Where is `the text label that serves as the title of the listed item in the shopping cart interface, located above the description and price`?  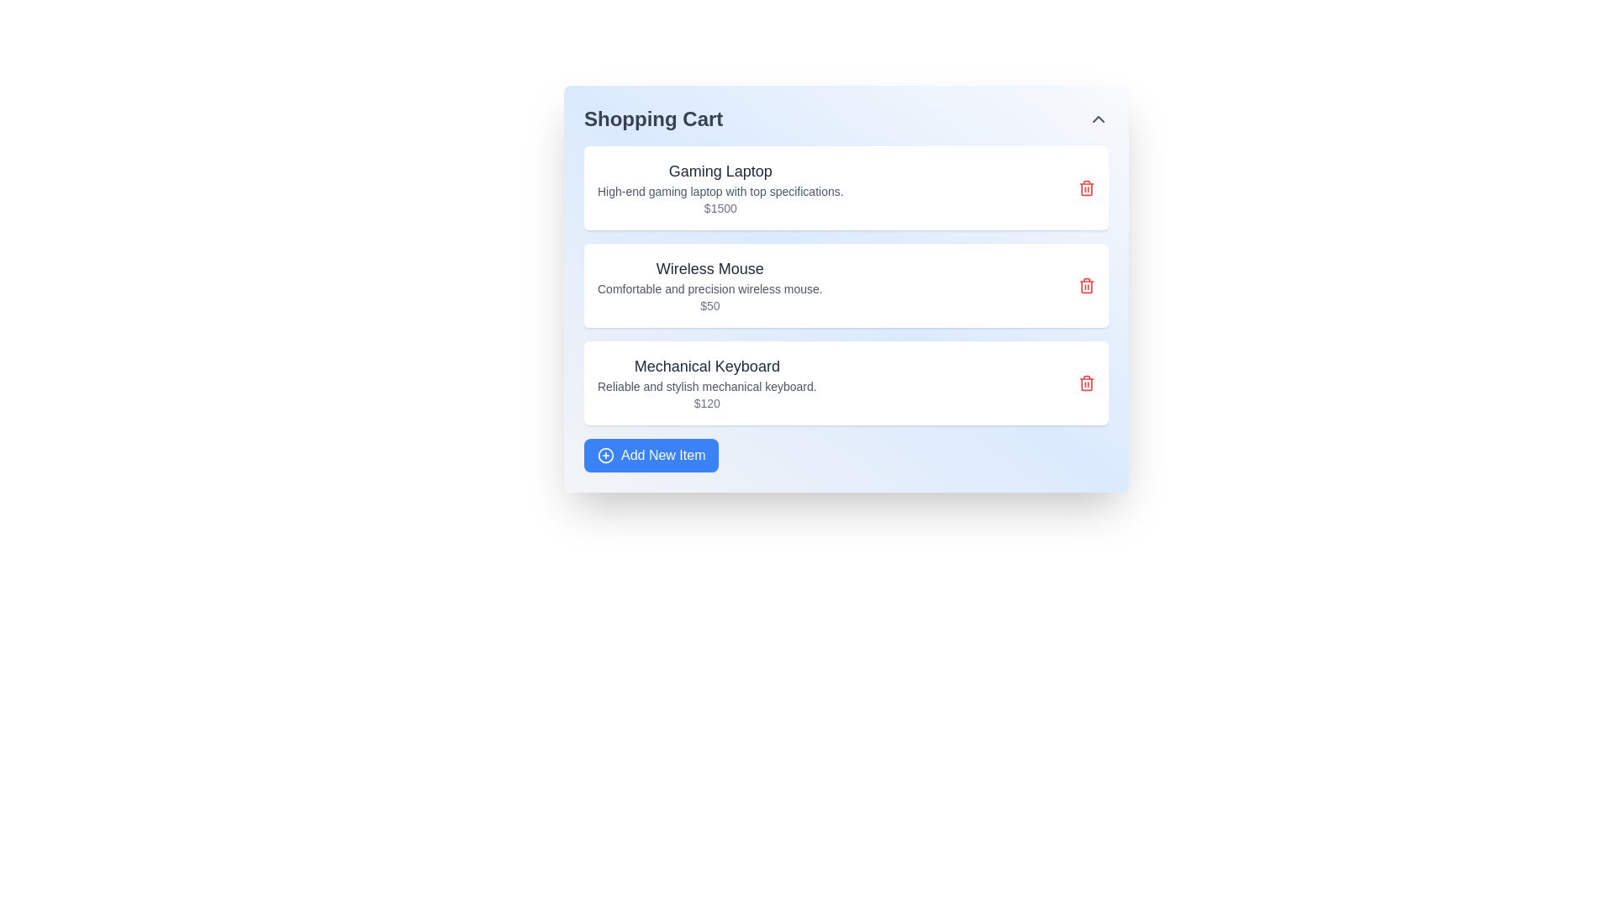
the text label that serves as the title of the listed item in the shopping cart interface, located above the description and price is located at coordinates (720, 172).